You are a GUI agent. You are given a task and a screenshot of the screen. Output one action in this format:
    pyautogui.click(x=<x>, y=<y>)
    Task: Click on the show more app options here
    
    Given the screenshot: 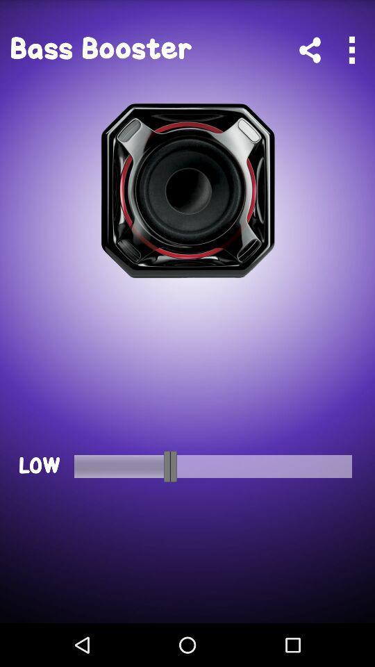 What is the action you would take?
    pyautogui.click(x=351, y=50)
    